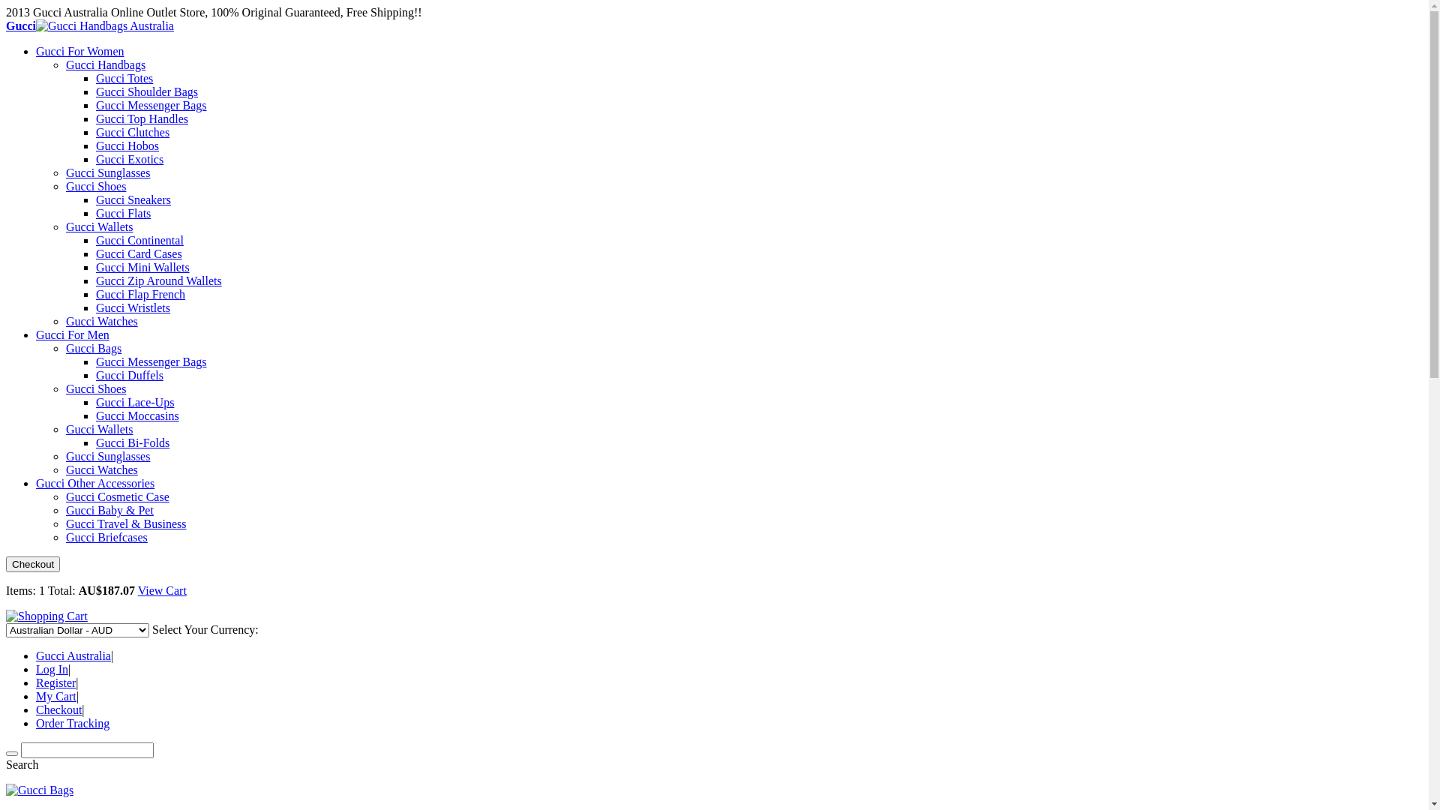 The image size is (1440, 810). Describe the element at coordinates (94, 483) in the screenshot. I see `'Gucci Other Accessories'` at that location.